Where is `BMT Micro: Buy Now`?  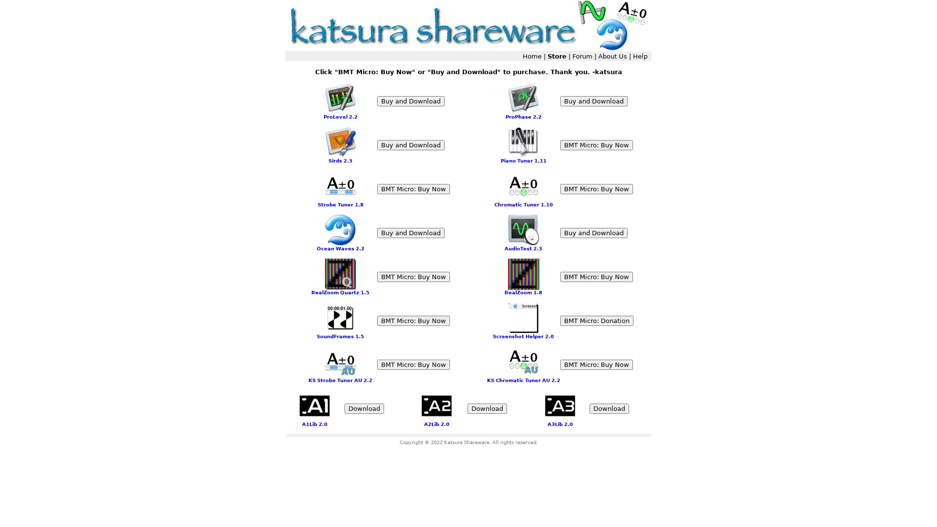
BMT Micro: Buy Now is located at coordinates (595, 145).